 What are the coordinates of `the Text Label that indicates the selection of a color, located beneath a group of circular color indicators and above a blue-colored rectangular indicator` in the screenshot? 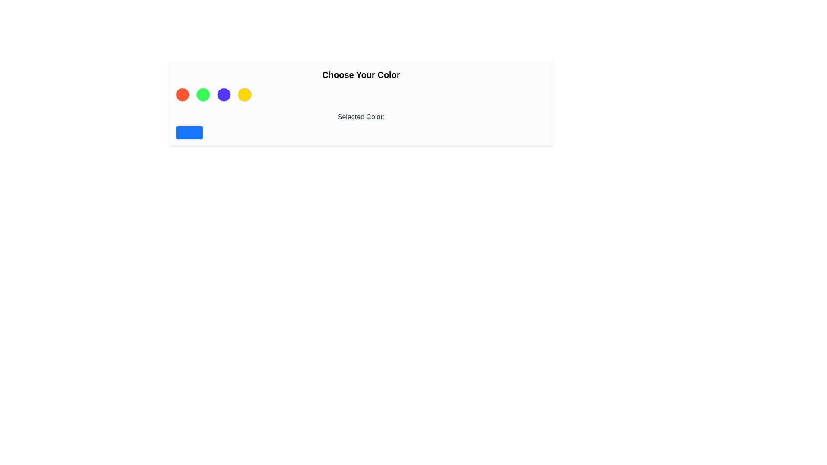 It's located at (361, 117).